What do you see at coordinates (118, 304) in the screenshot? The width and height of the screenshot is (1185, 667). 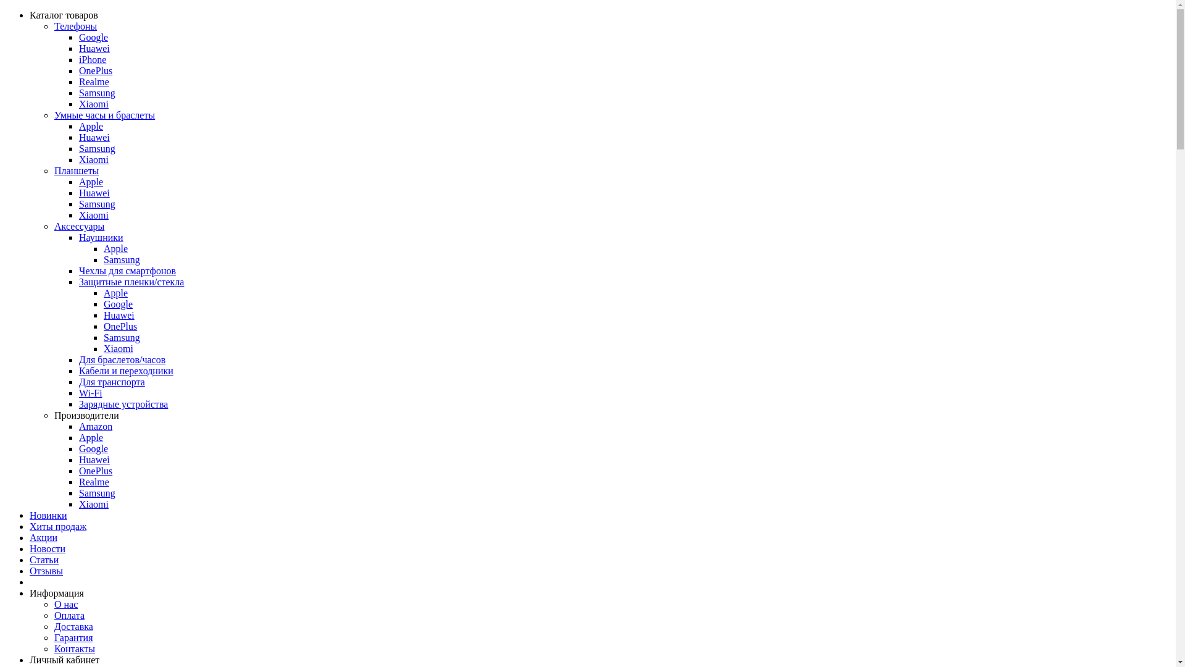 I see `'Google'` at bounding box center [118, 304].